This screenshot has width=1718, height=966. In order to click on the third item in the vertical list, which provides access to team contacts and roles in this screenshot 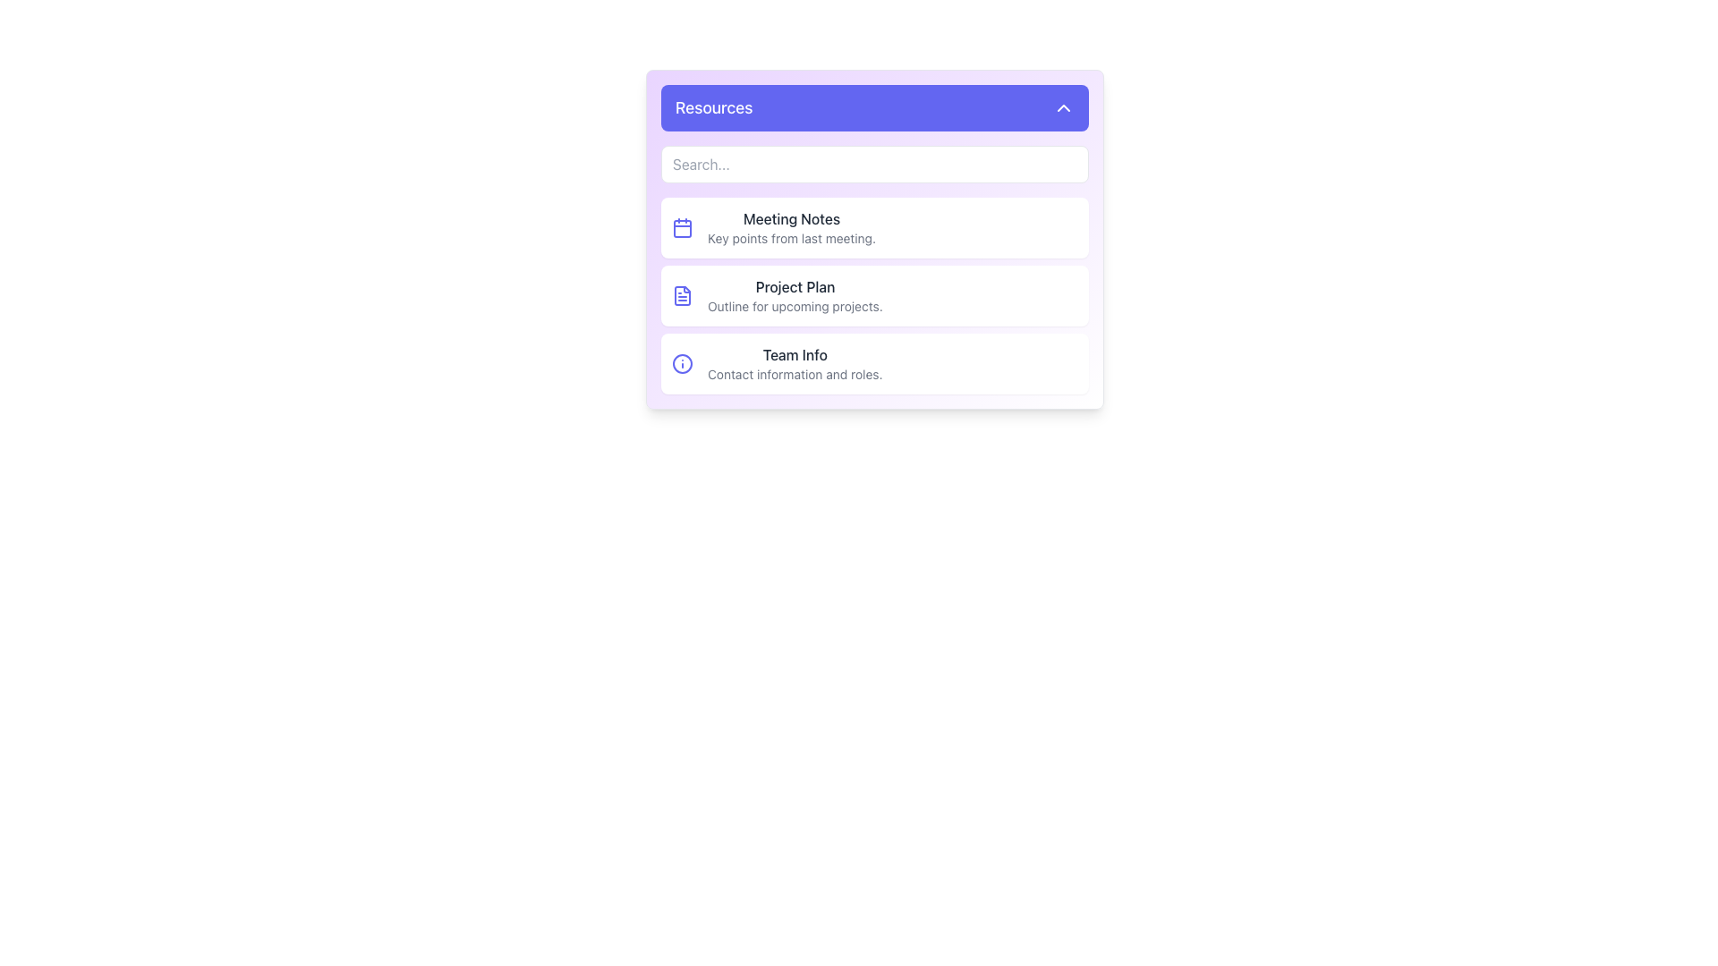, I will do `click(794, 363)`.